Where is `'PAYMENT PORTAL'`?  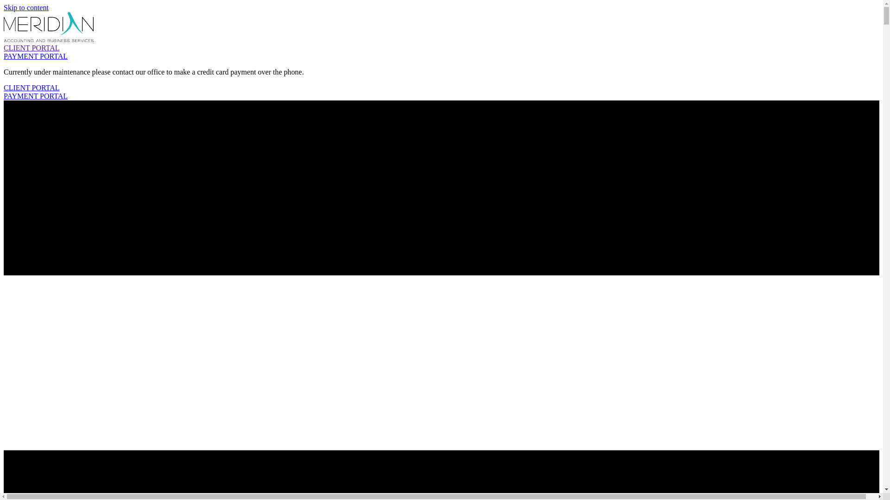
'PAYMENT PORTAL' is located at coordinates (35, 96).